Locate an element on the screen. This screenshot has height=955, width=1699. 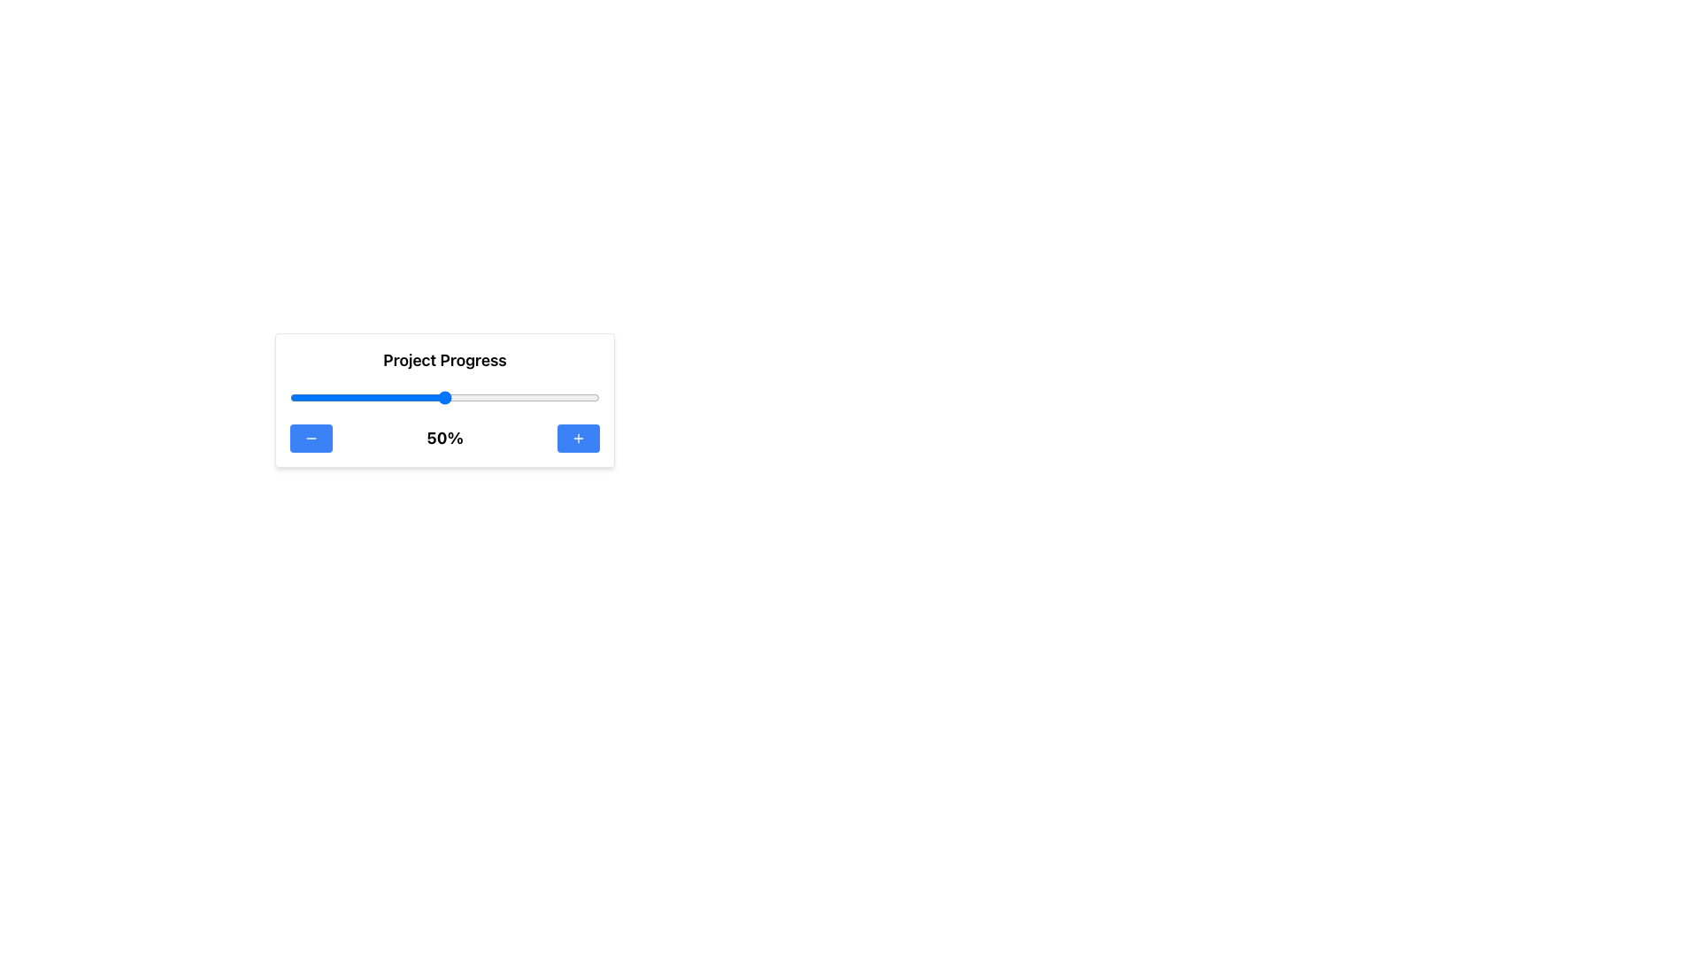
the static text that displays the current percentage value associated with the progress bar, located centrally between the minus and plus buttons is located at coordinates (445, 438).